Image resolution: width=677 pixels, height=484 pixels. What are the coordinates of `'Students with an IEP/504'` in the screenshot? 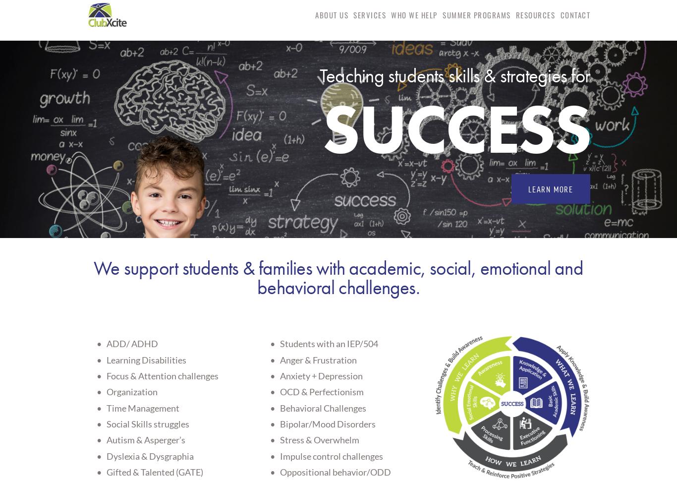 It's located at (280, 343).